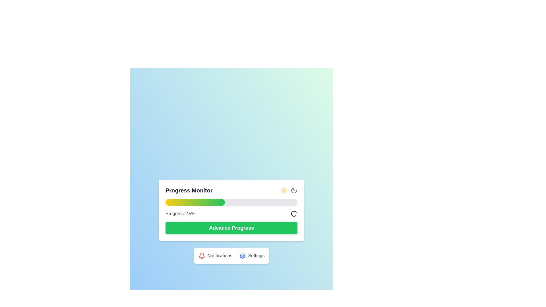 This screenshot has height=307, width=546. What do you see at coordinates (251, 255) in the screenshot?
I see `the 'Settings' button, which features a blue gear icon and the text label 'Settings'` at bounding box center [251, 255].